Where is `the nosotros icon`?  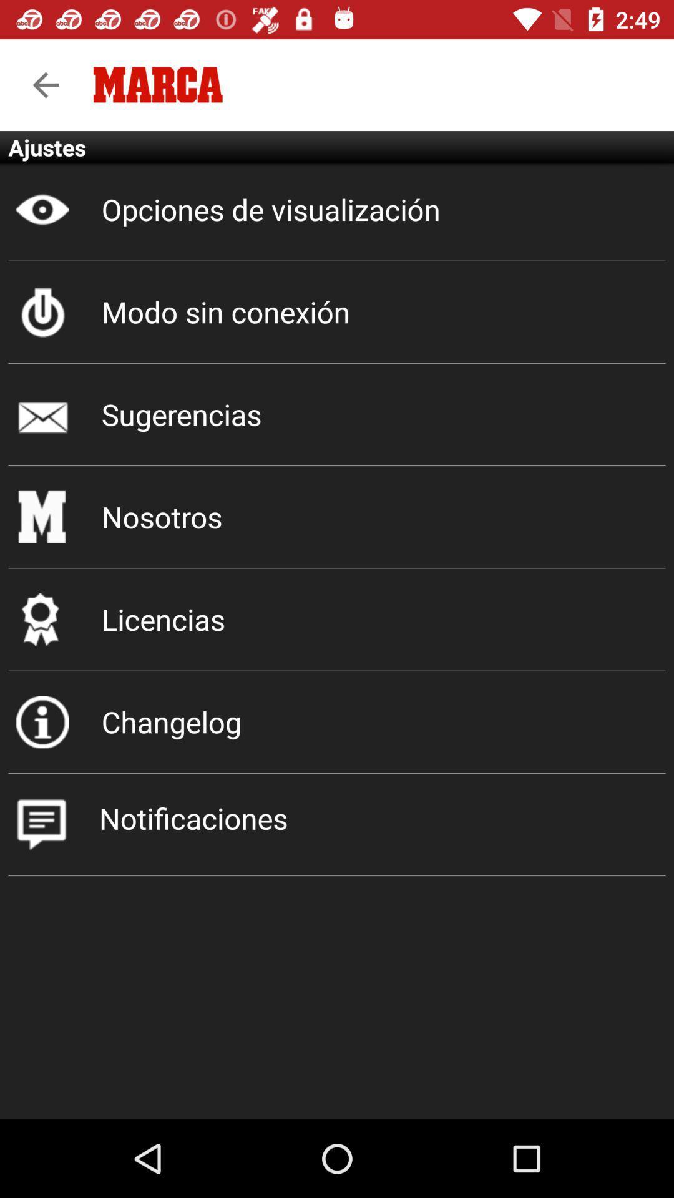 the nosotros icon is located at coordinates (337, 517).